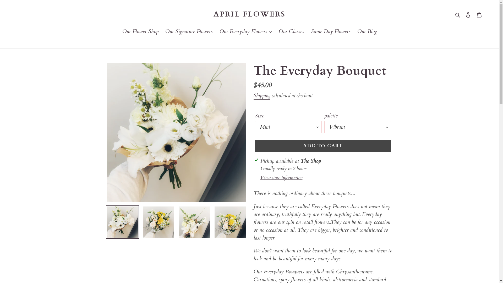 The image size is (503, 283). What do you see at coordinates (474, 14) in the screenshot?
I see `'Cart'` at bounding box center [474, 14].